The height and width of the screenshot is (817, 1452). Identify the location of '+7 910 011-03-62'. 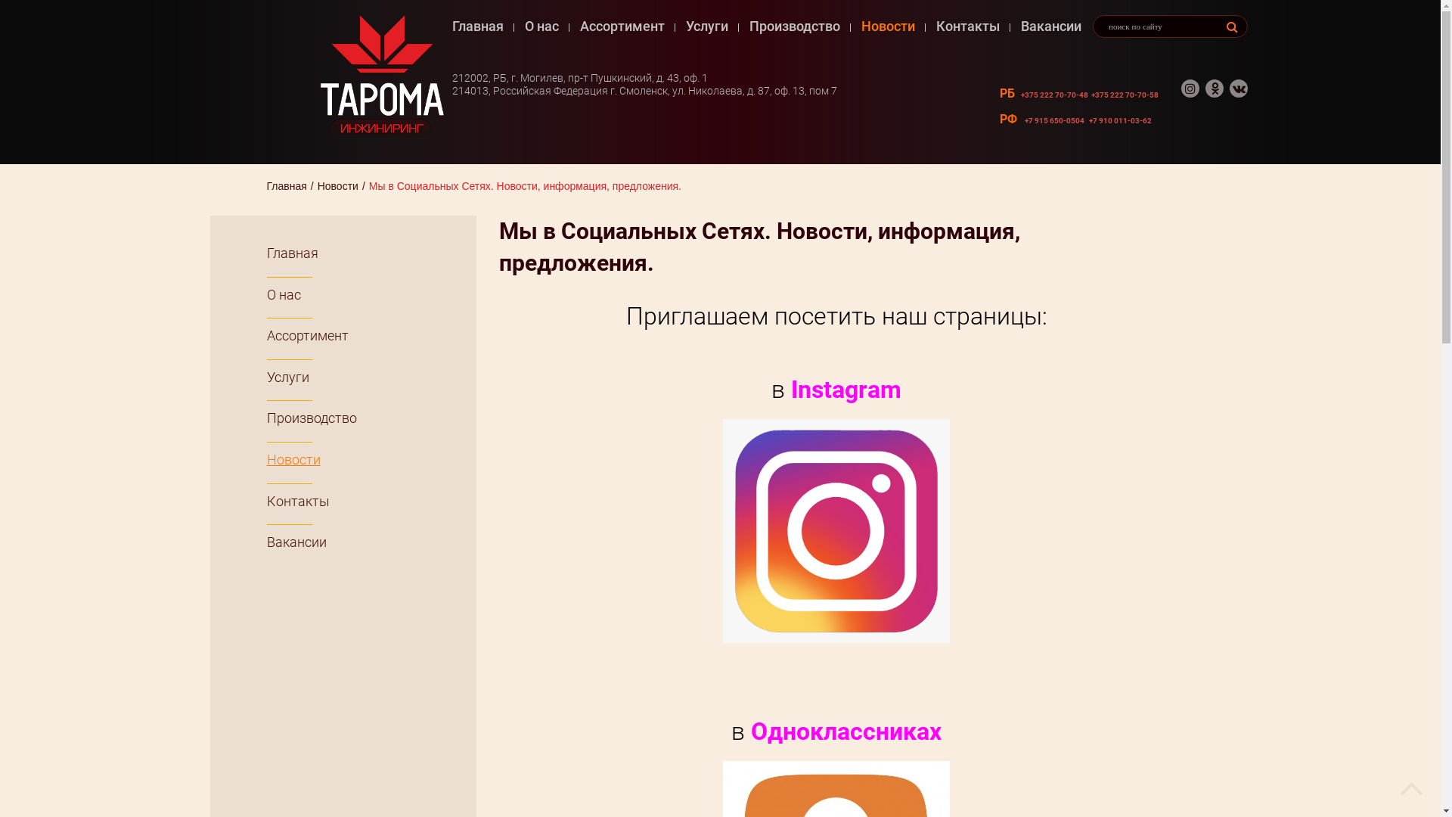
(1120, 120).